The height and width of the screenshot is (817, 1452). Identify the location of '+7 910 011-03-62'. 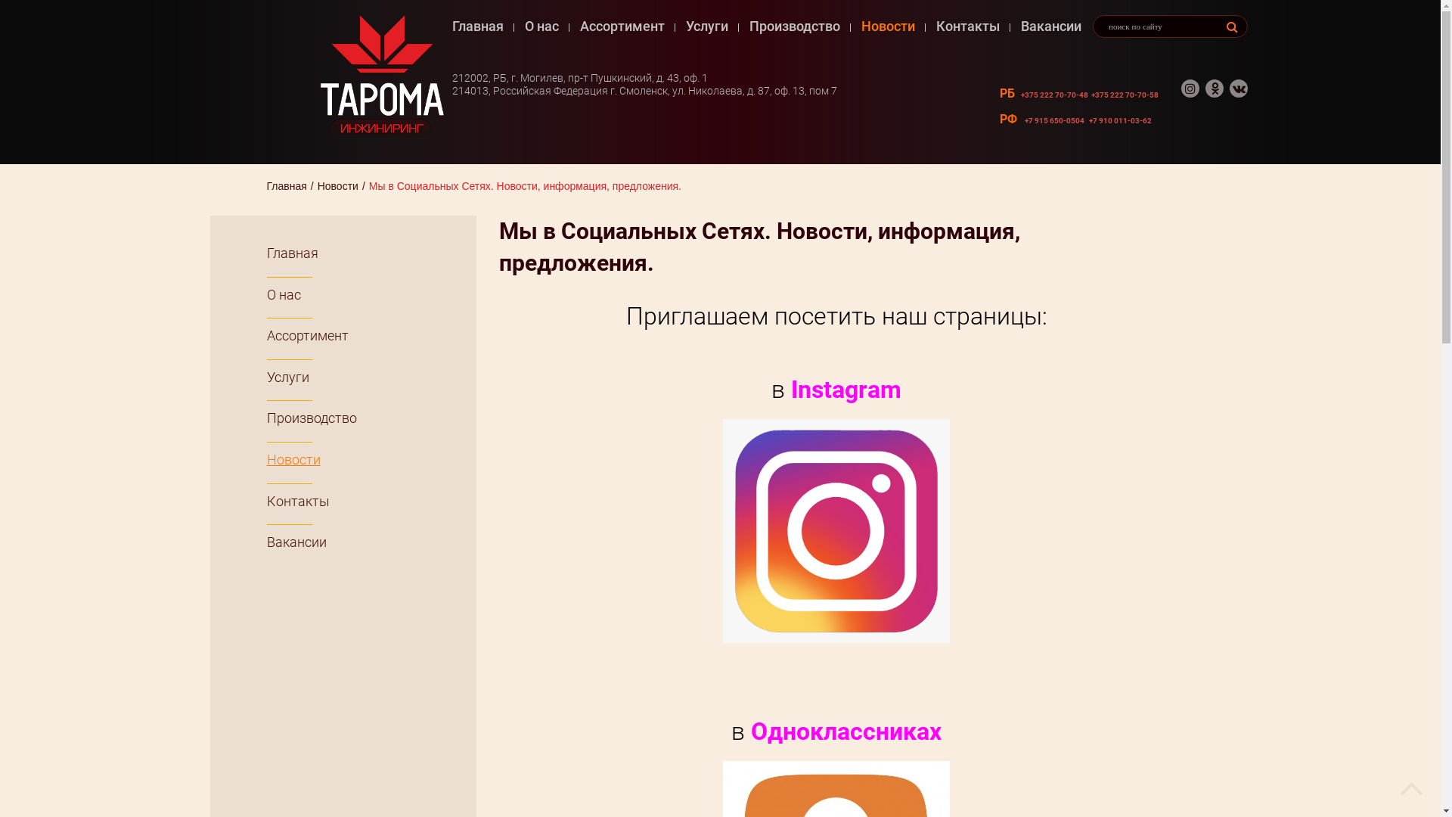
(1120, 120).